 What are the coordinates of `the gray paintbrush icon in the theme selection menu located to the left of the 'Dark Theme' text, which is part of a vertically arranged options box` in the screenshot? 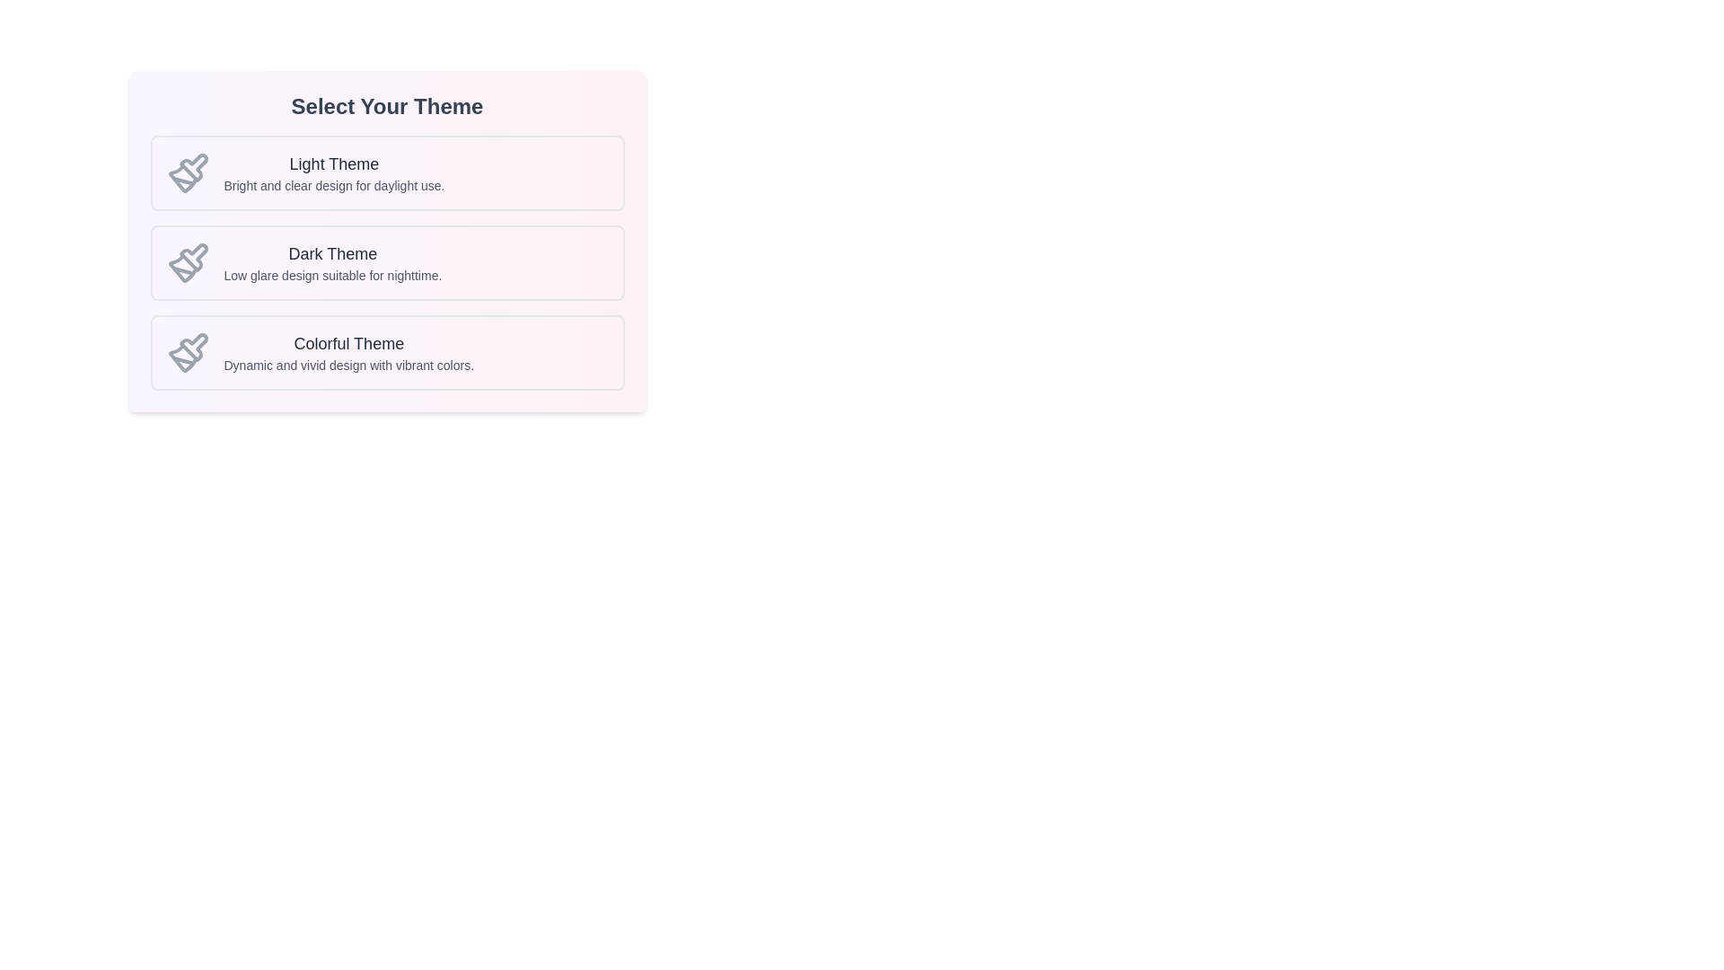 It's located at (188, 263).